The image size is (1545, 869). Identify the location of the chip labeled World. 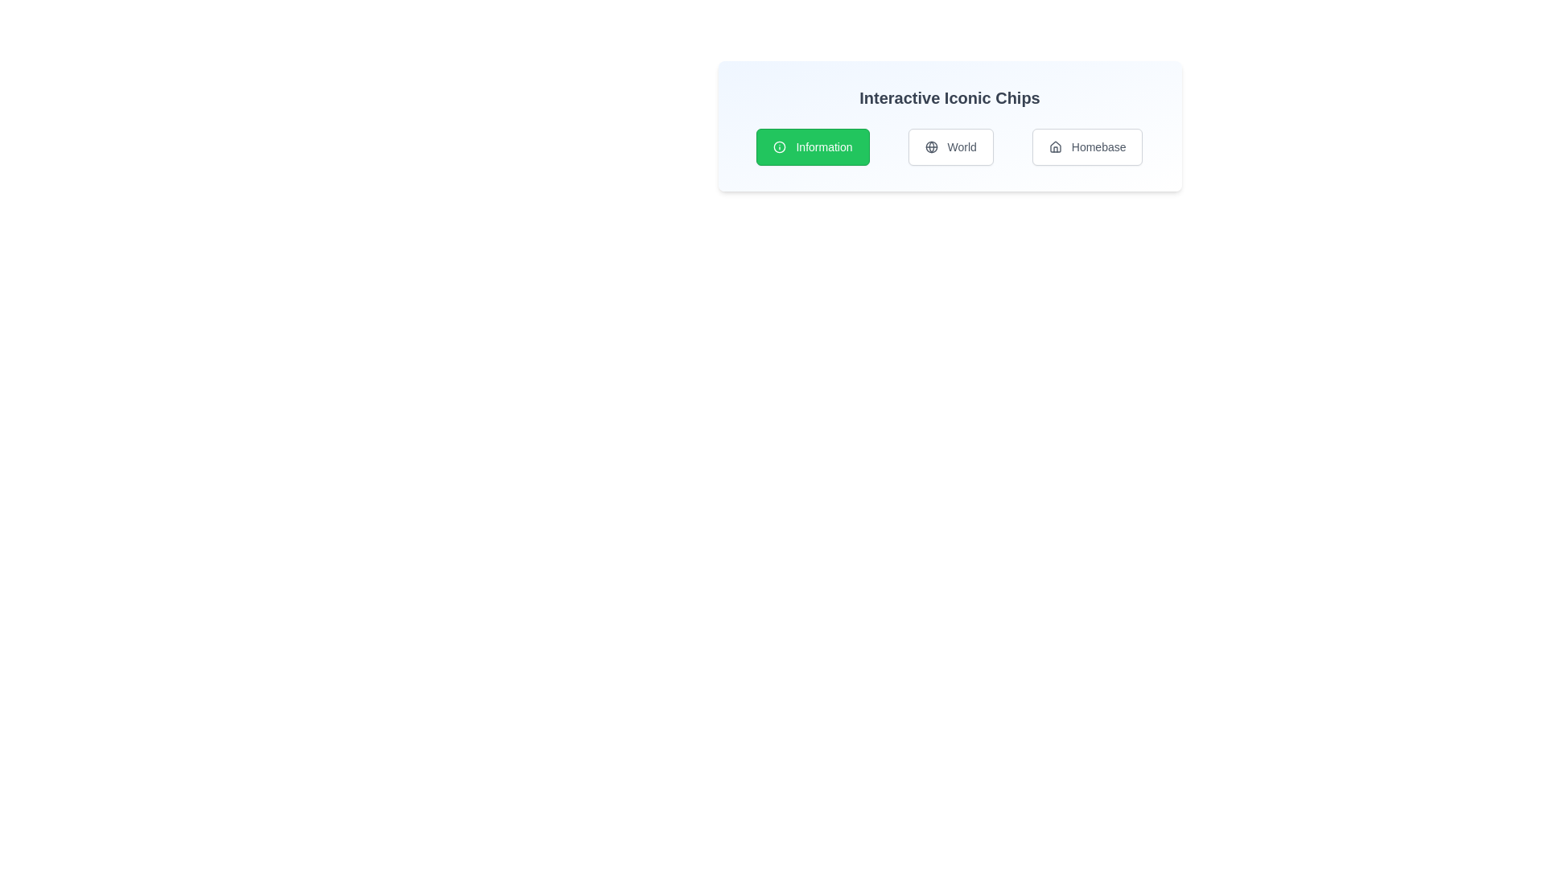
(950, 146).